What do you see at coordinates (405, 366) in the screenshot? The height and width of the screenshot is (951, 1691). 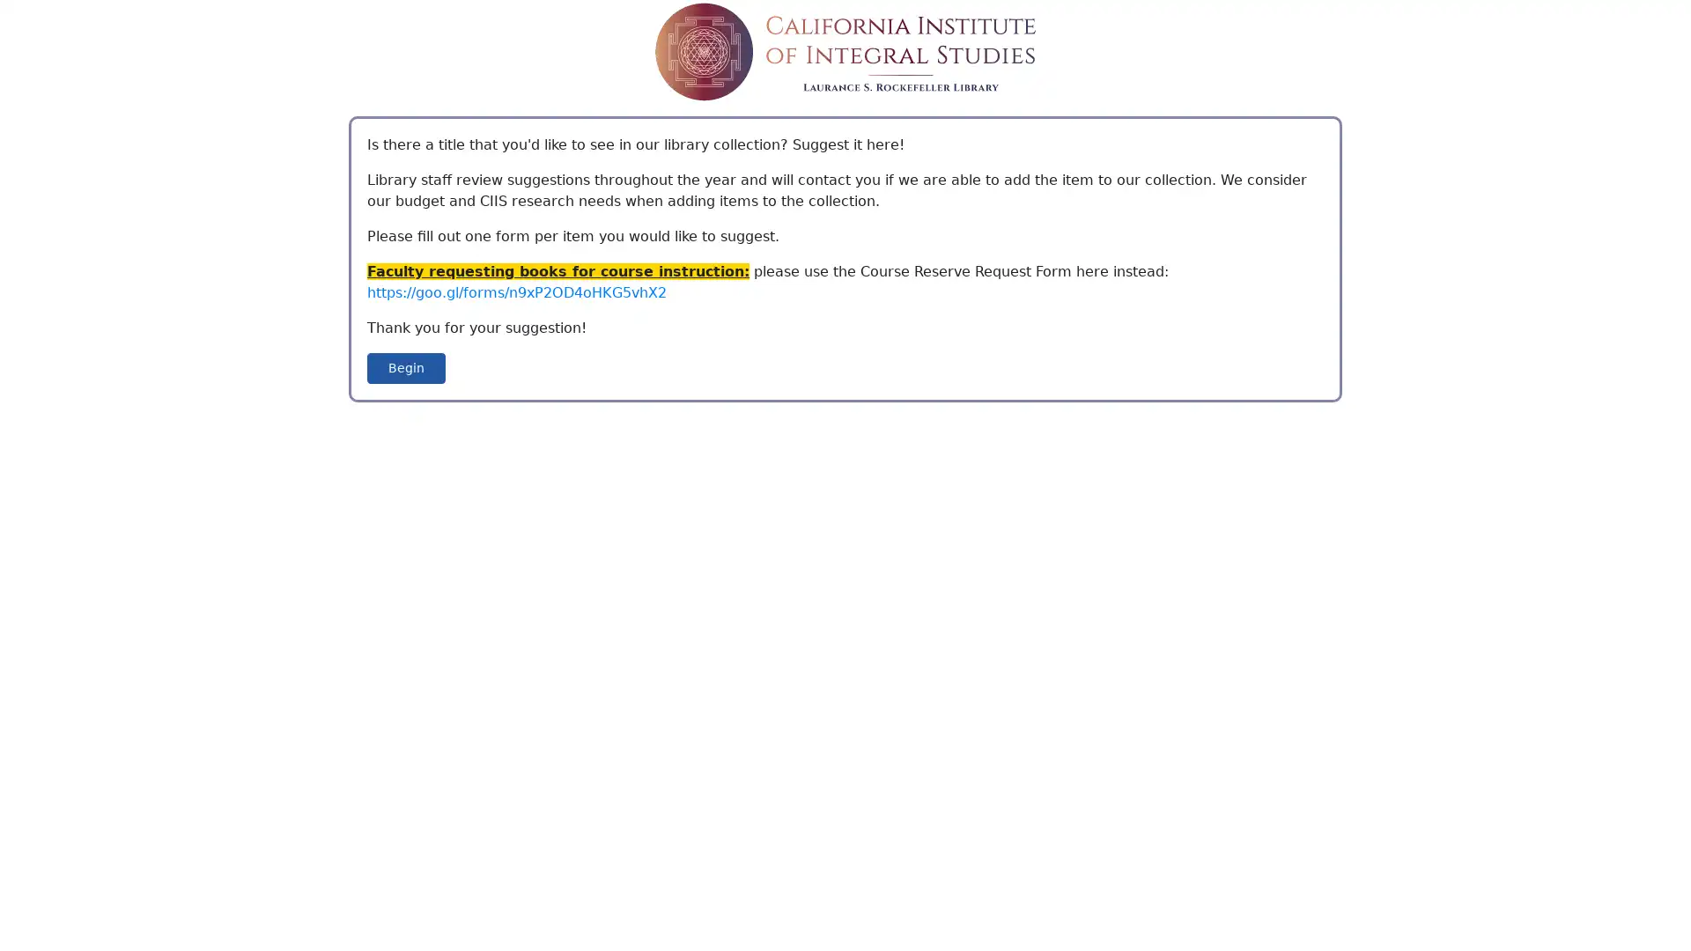 I see `Begin` at bounding box center [405, 366].